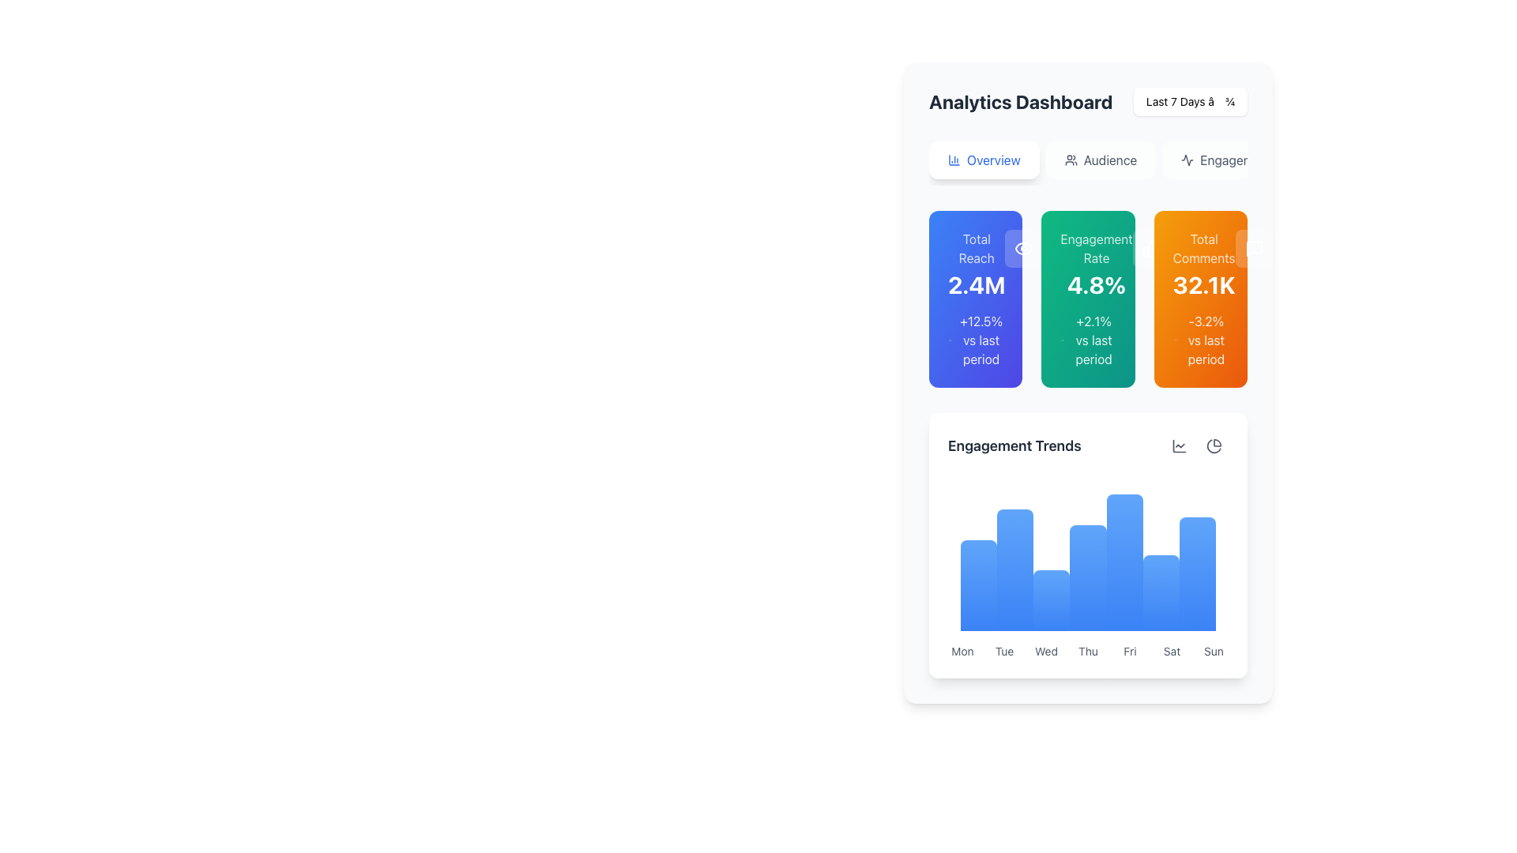 The width and height of the screenshot is (1517, 853). What do you see at coordinates (1179, 445) in the screenshot?
I see `the icon resembling a line chart pattern located above the interactive segment` at bounding box center [1179, 445].